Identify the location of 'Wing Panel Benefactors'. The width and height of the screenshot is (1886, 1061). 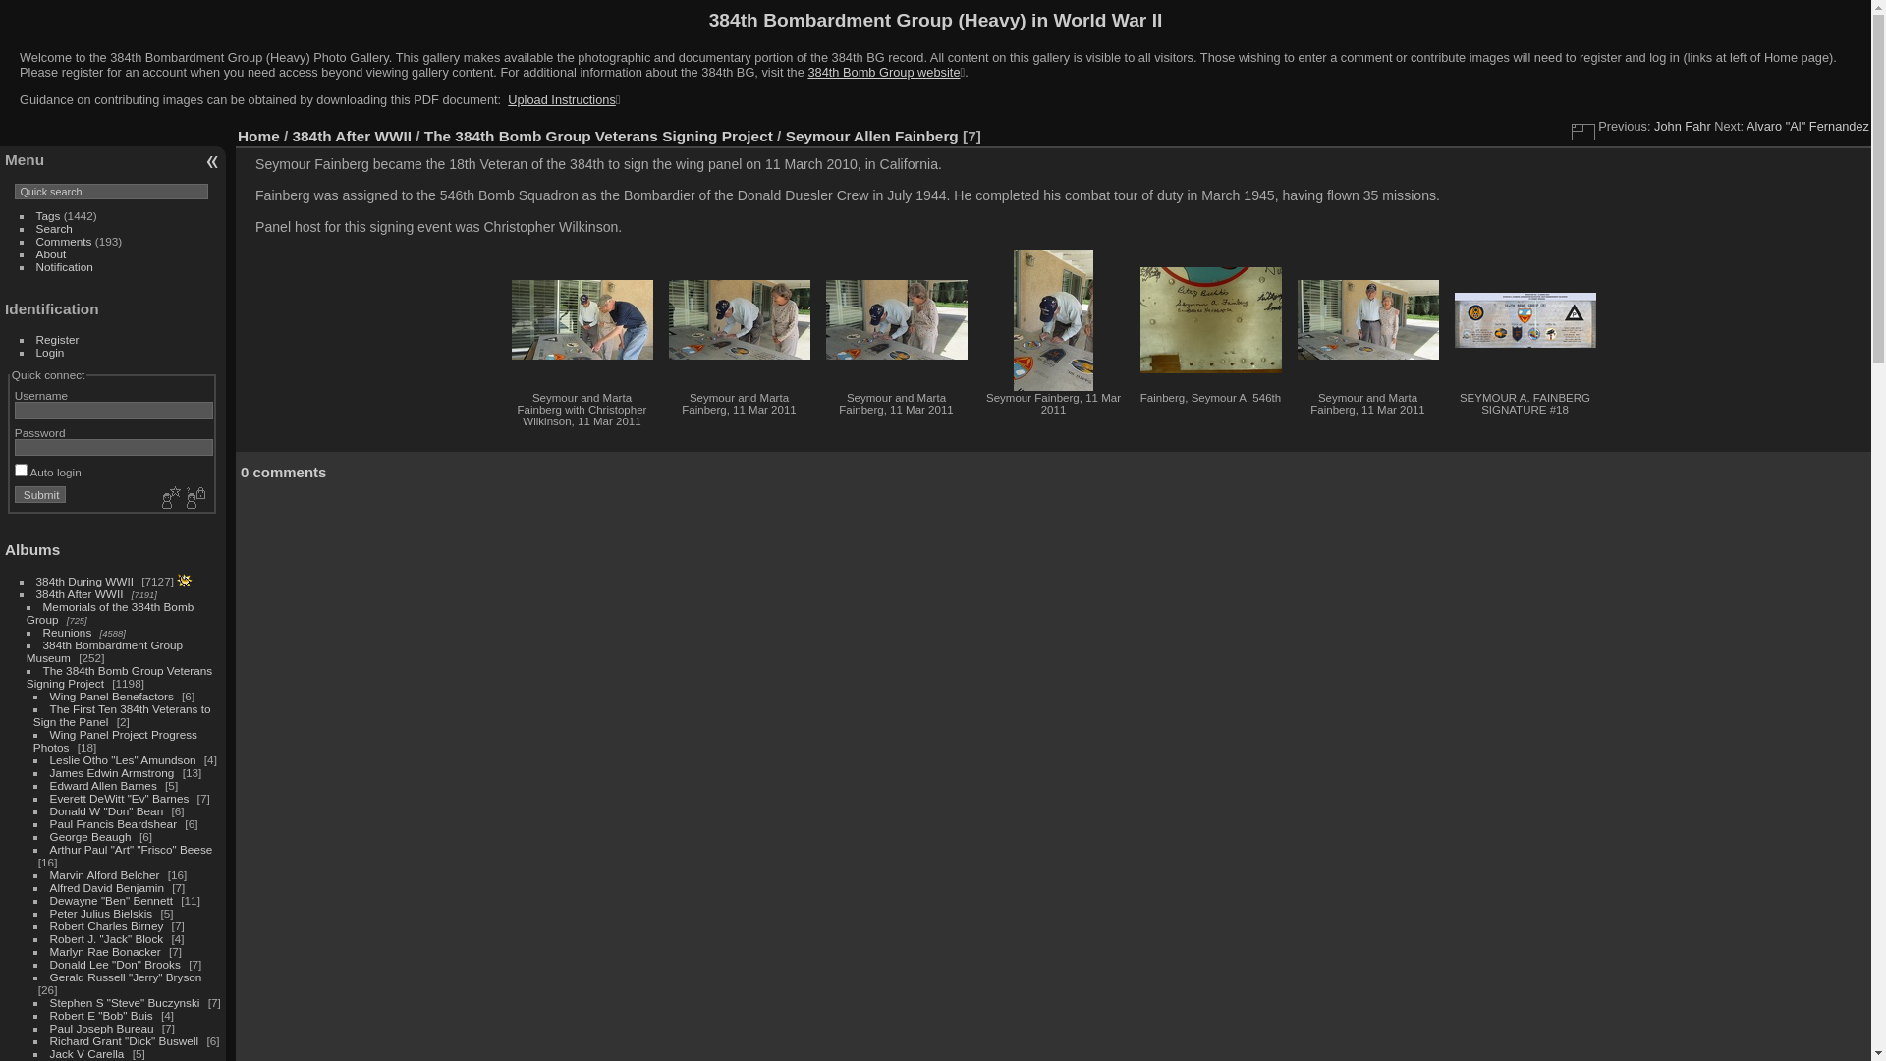
(111, 695).